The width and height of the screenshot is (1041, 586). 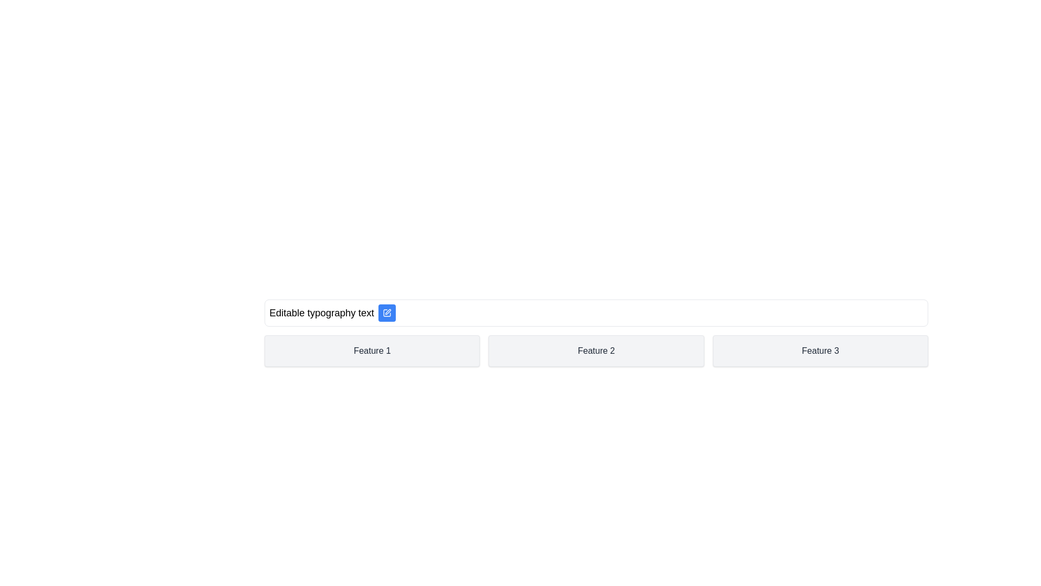 What do you see at coordinates (372, 351) in the screenshot?
I see `the text label indicating a feature or category, which is the first of three similar elements aligned horizontally beneath an editable text box` at bounding box center [372, 351].